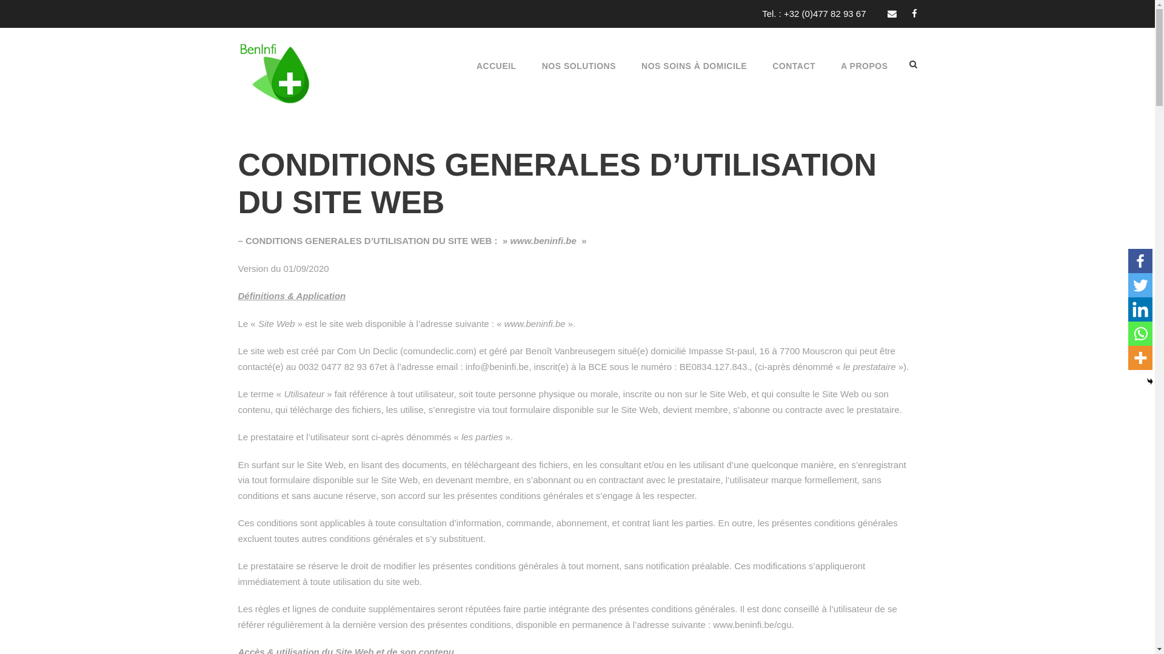 This screenshot has width=1164, height=654. Describe the element at coordinates (578, 80) in the screenshot. I see `'NOS SOLUTIONS'` at that location.